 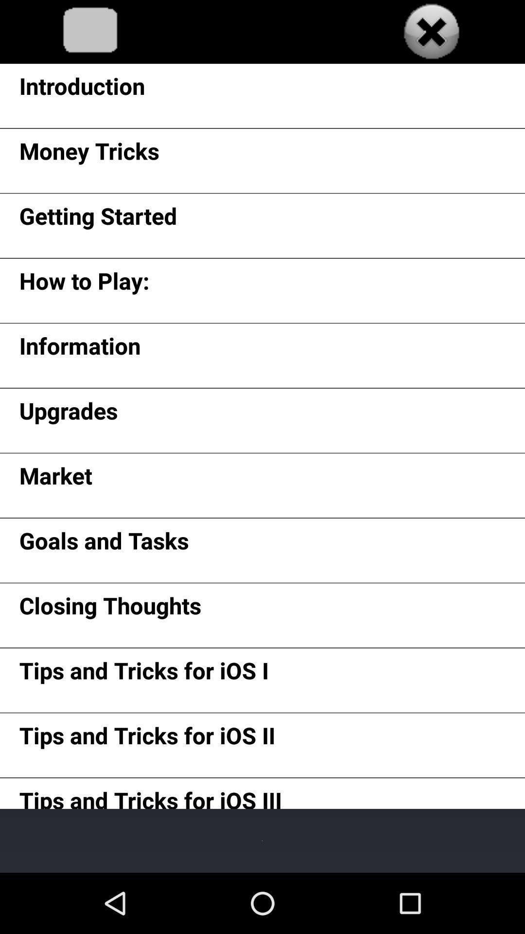 What do you see at coordinates (262, 840) in the screenshot?
I see `item below tips and tricks item` at bounding box center [262, 840].